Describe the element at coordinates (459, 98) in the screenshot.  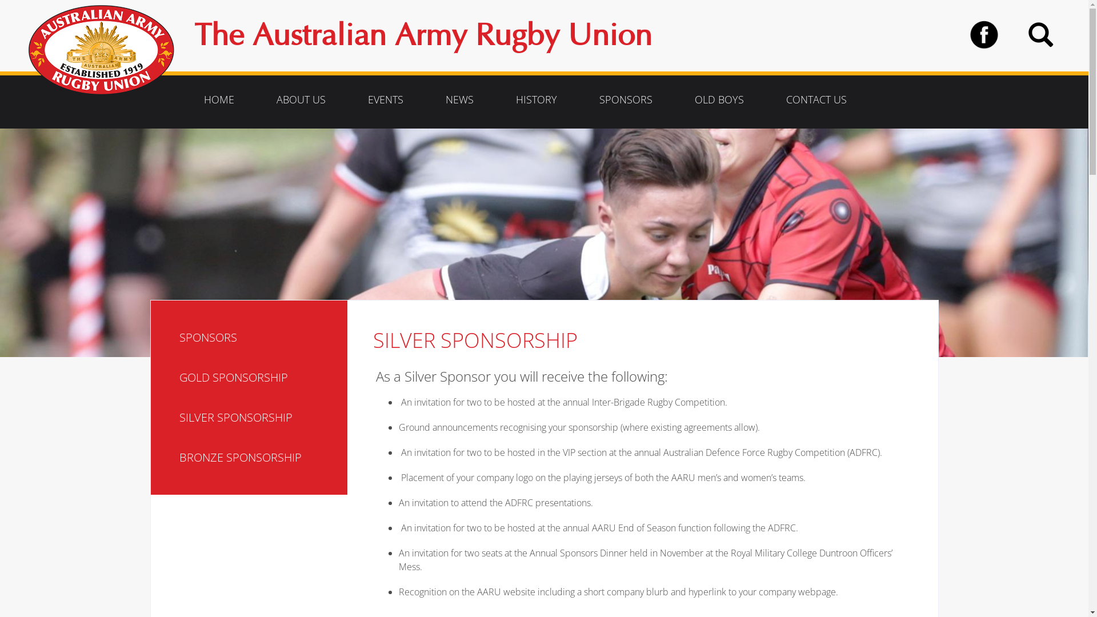
I see `'NEWS'` at that location.